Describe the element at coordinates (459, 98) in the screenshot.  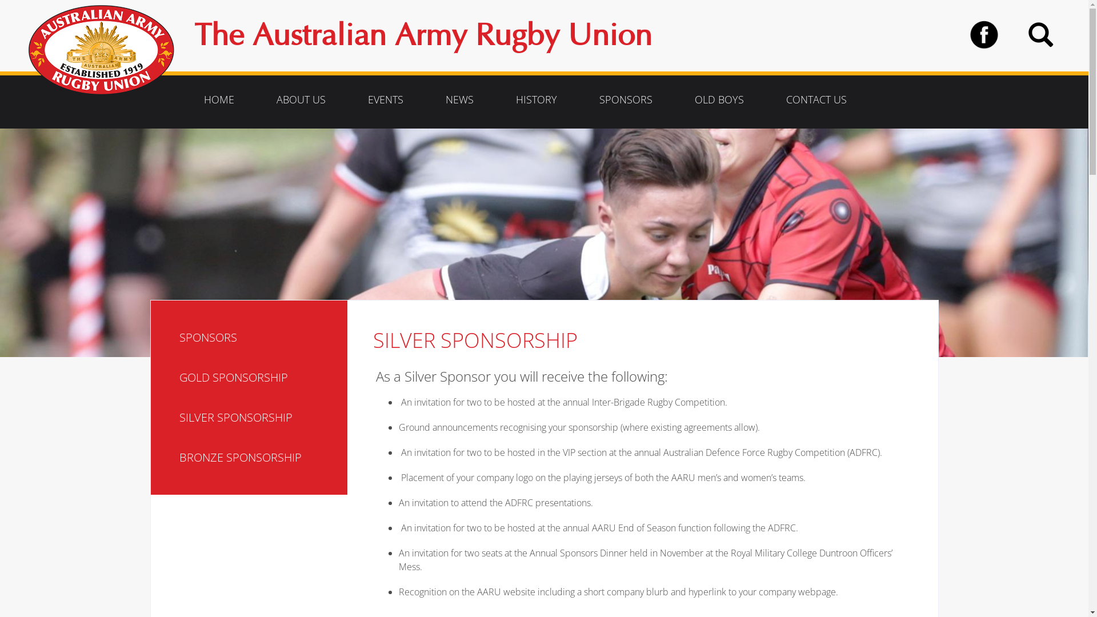
I see `'NEWS'` at that location.